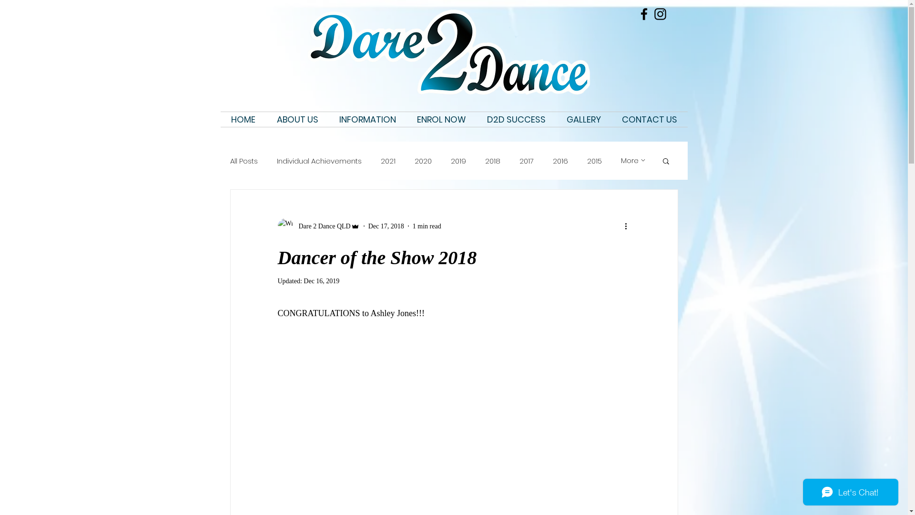 The image size is (915, 515). What do you see at coordinates (379, 160) in the screenshot?
I see `'2021'` at bounding box center [379, 160].